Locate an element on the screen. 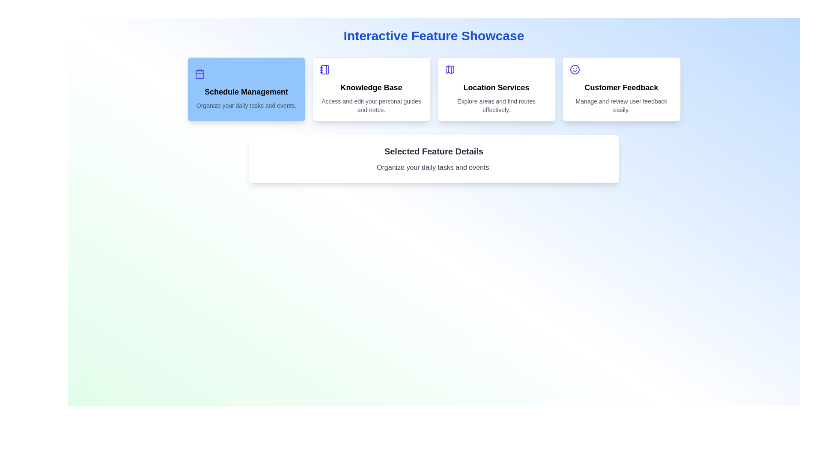  the circular shape that forms the boundary of the smiley face illustration within the 'Customer Feedback' card located in the top-right section of the interface is located at coordinates (575, 69).